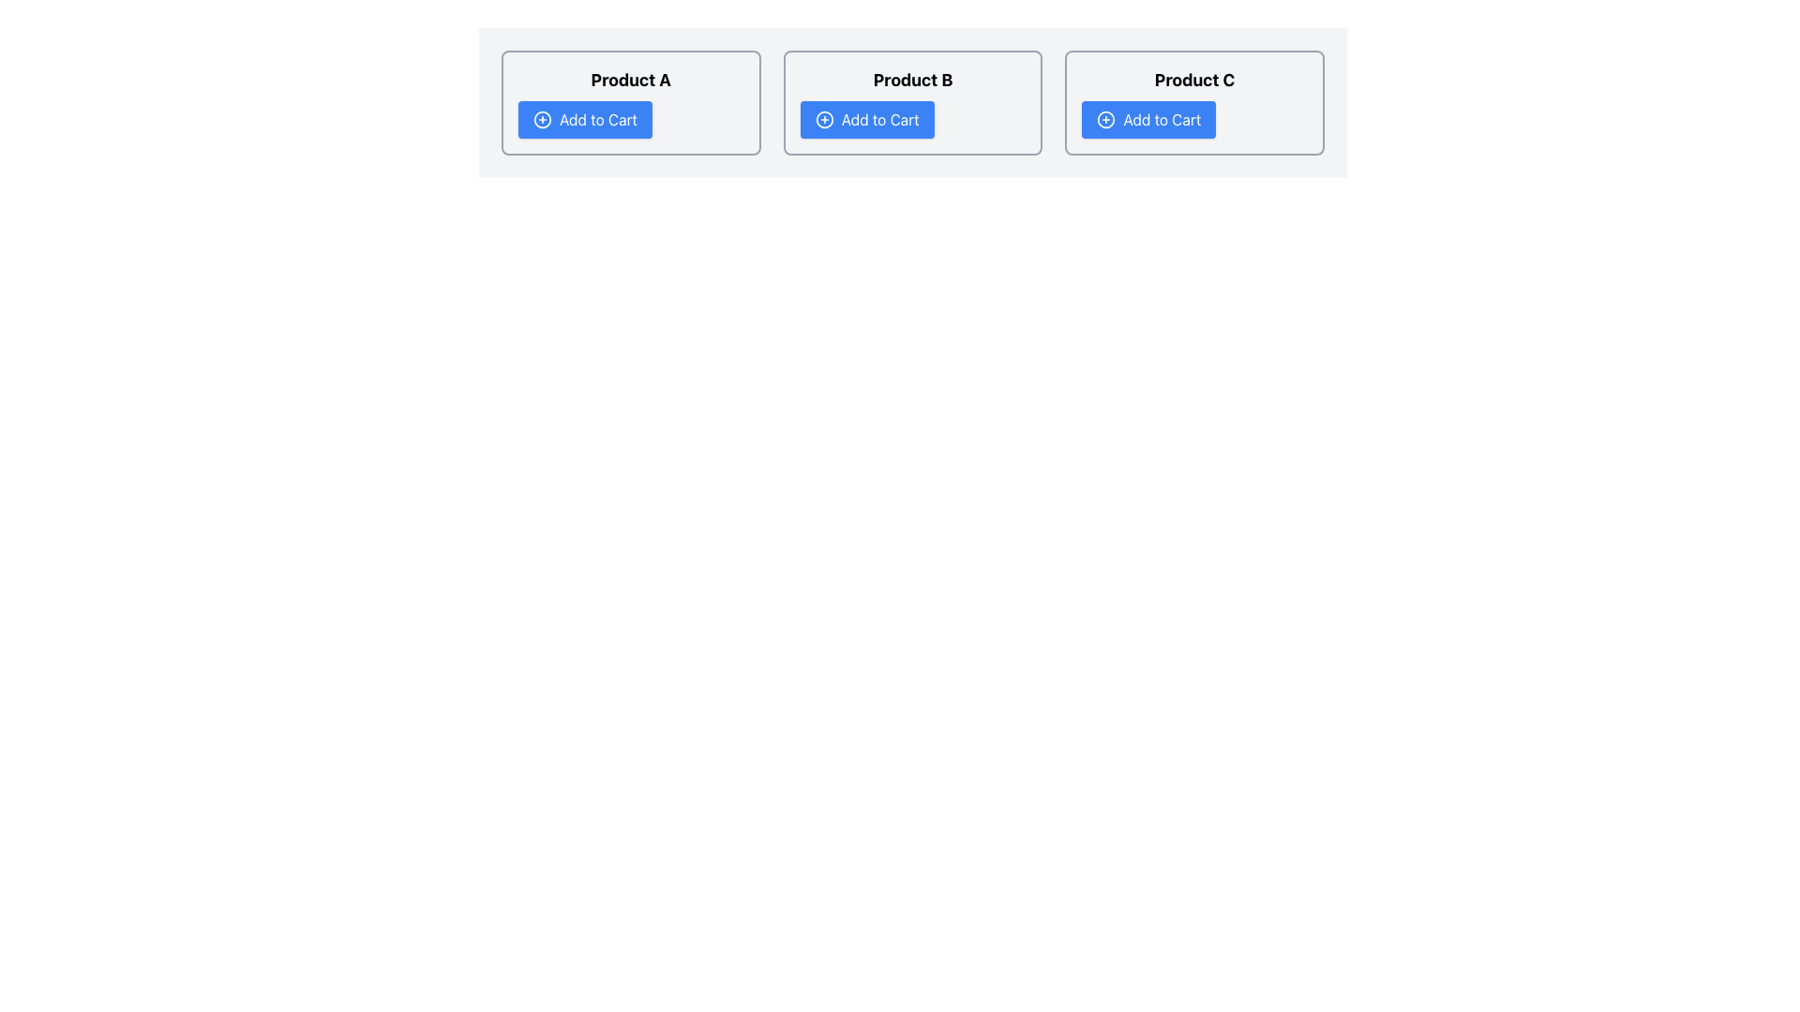  What do you see at coordinates (1106, 119) in the screenshot?
I see `the icon located to the left of the blue 'Add to Cart' button beneath the 'Product C' label` at bounding box center [1106, 119].